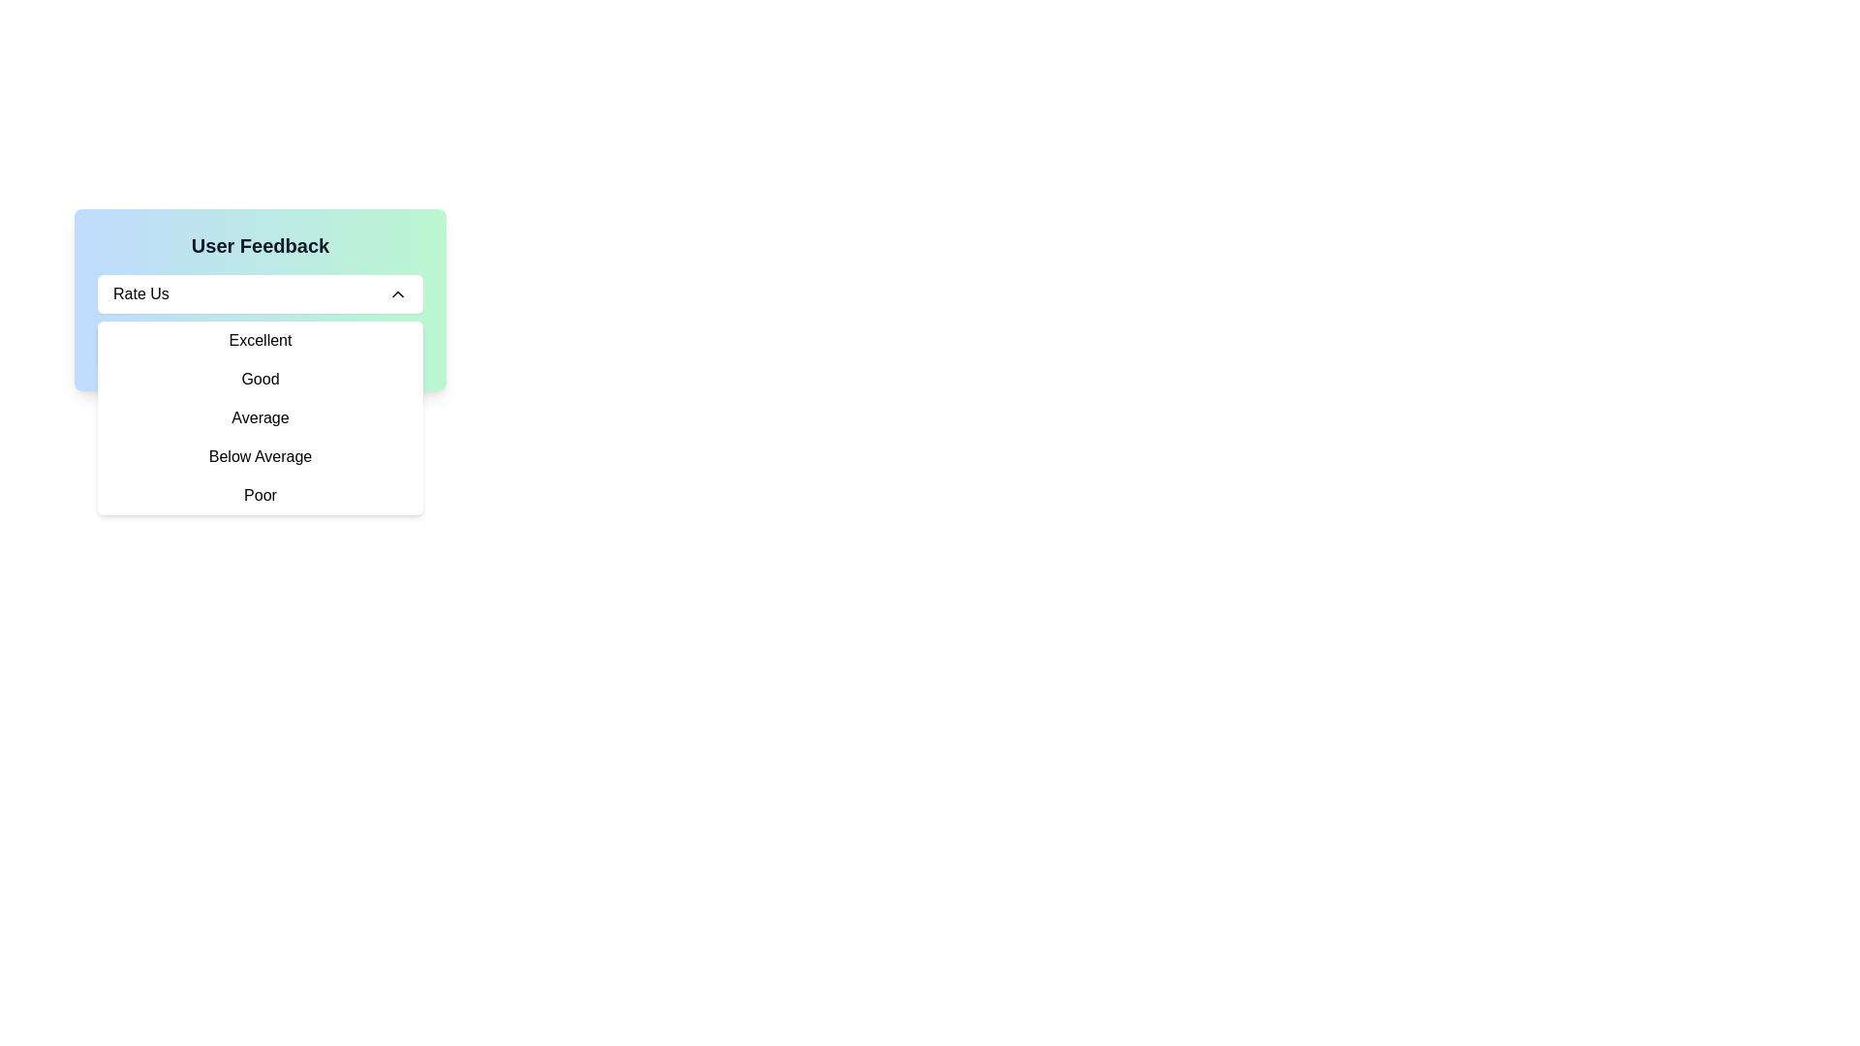 The width and height of the screenshot is (1860, 1046). I want to click on the 'Below Average' option in the dropdown menu under 'Rate Us', so click(259, 456).